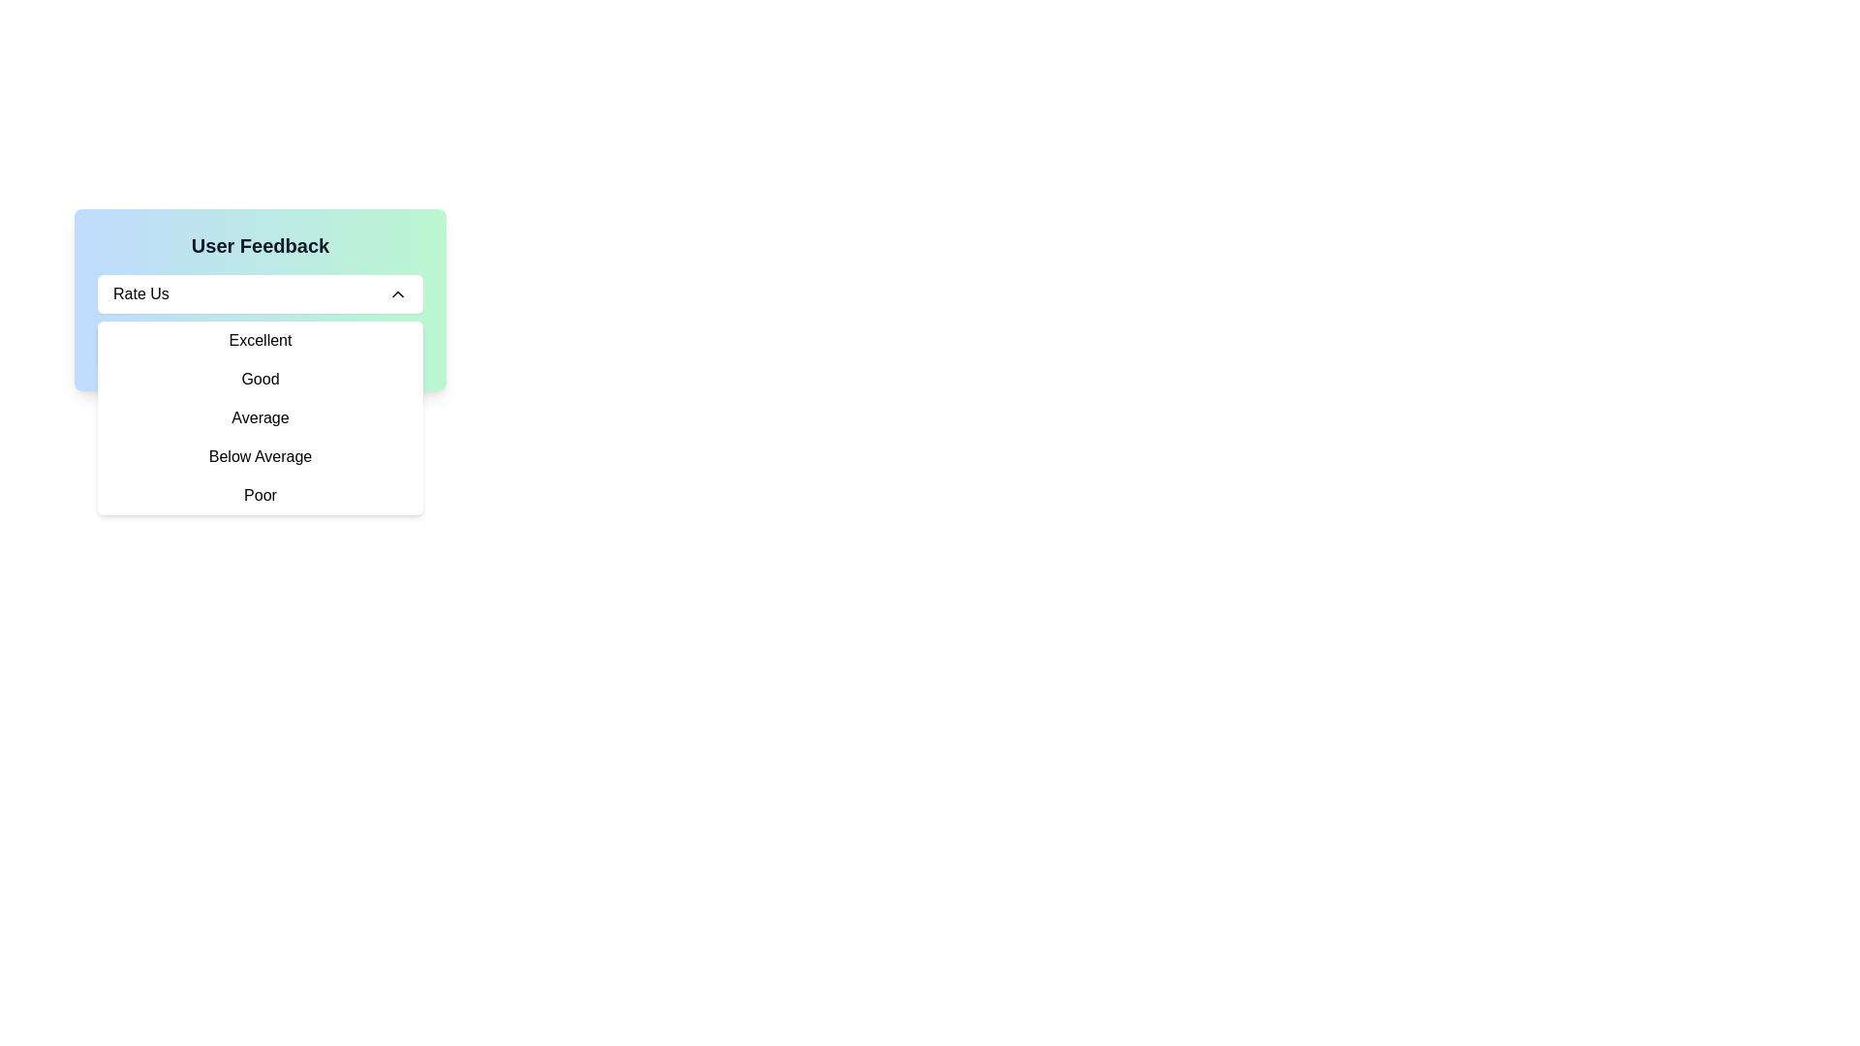 The width and height of the screenshot is (1860, 1046). I want to click on the 'Below Average' option in the dropdown menu under 'Rate Us', so click(259, 456).